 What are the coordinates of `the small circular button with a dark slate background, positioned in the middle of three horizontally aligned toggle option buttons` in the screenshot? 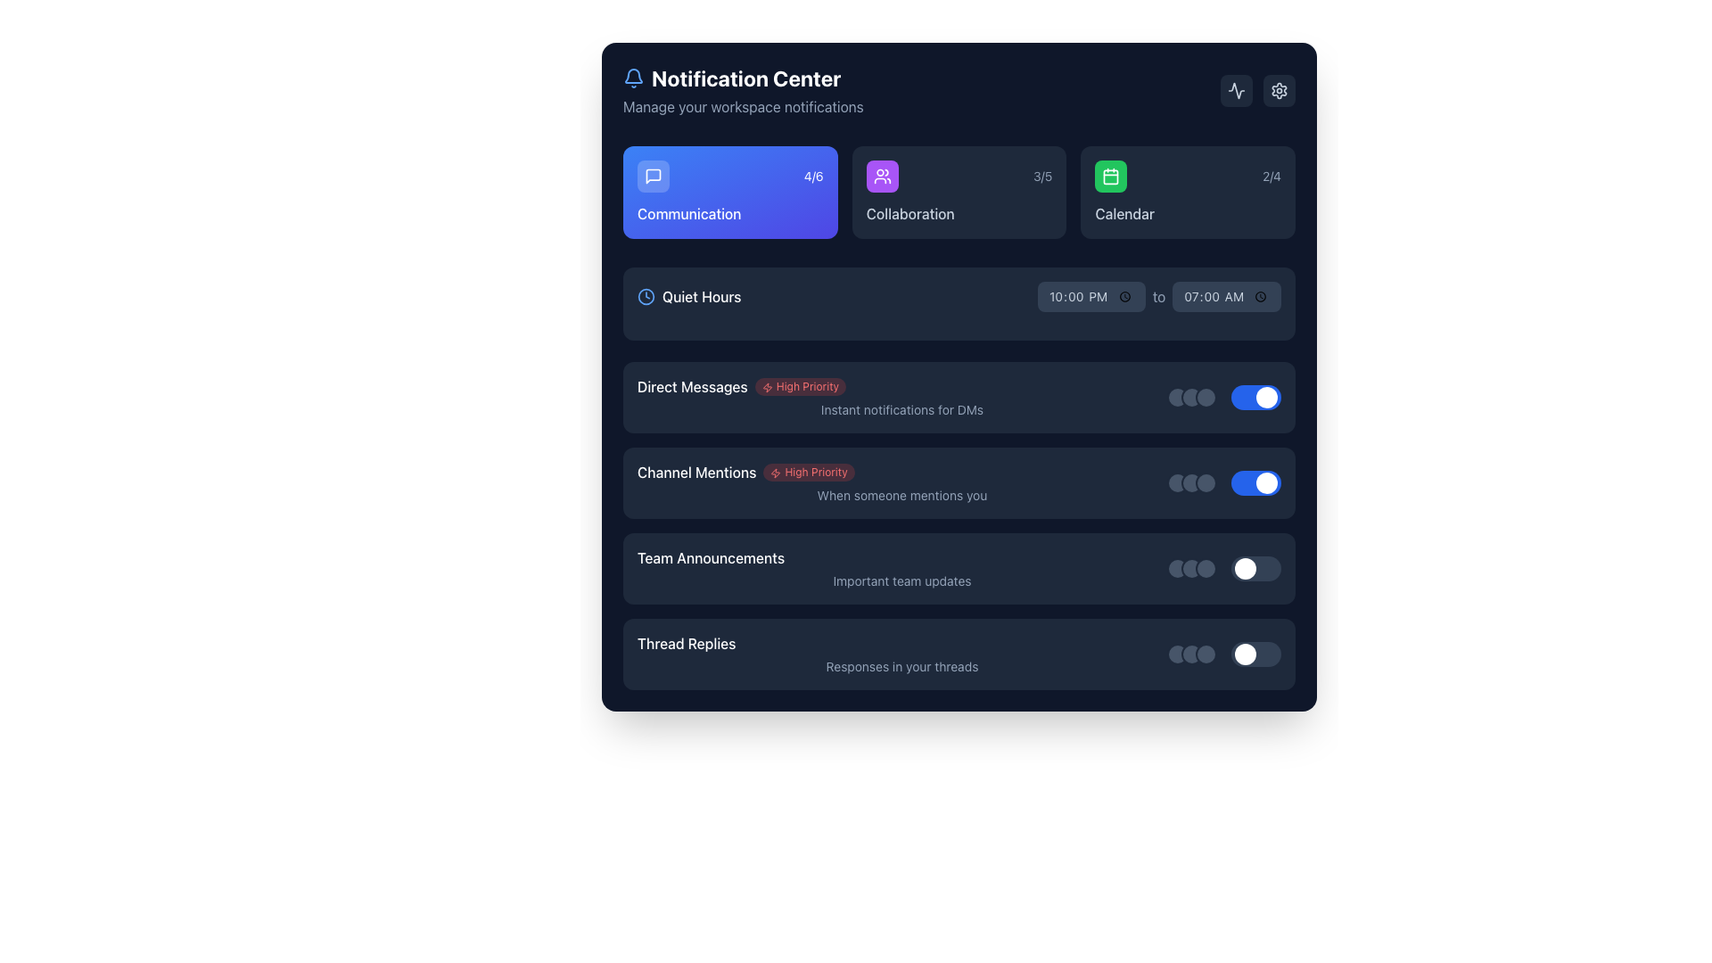 It's located at (1192, 483).